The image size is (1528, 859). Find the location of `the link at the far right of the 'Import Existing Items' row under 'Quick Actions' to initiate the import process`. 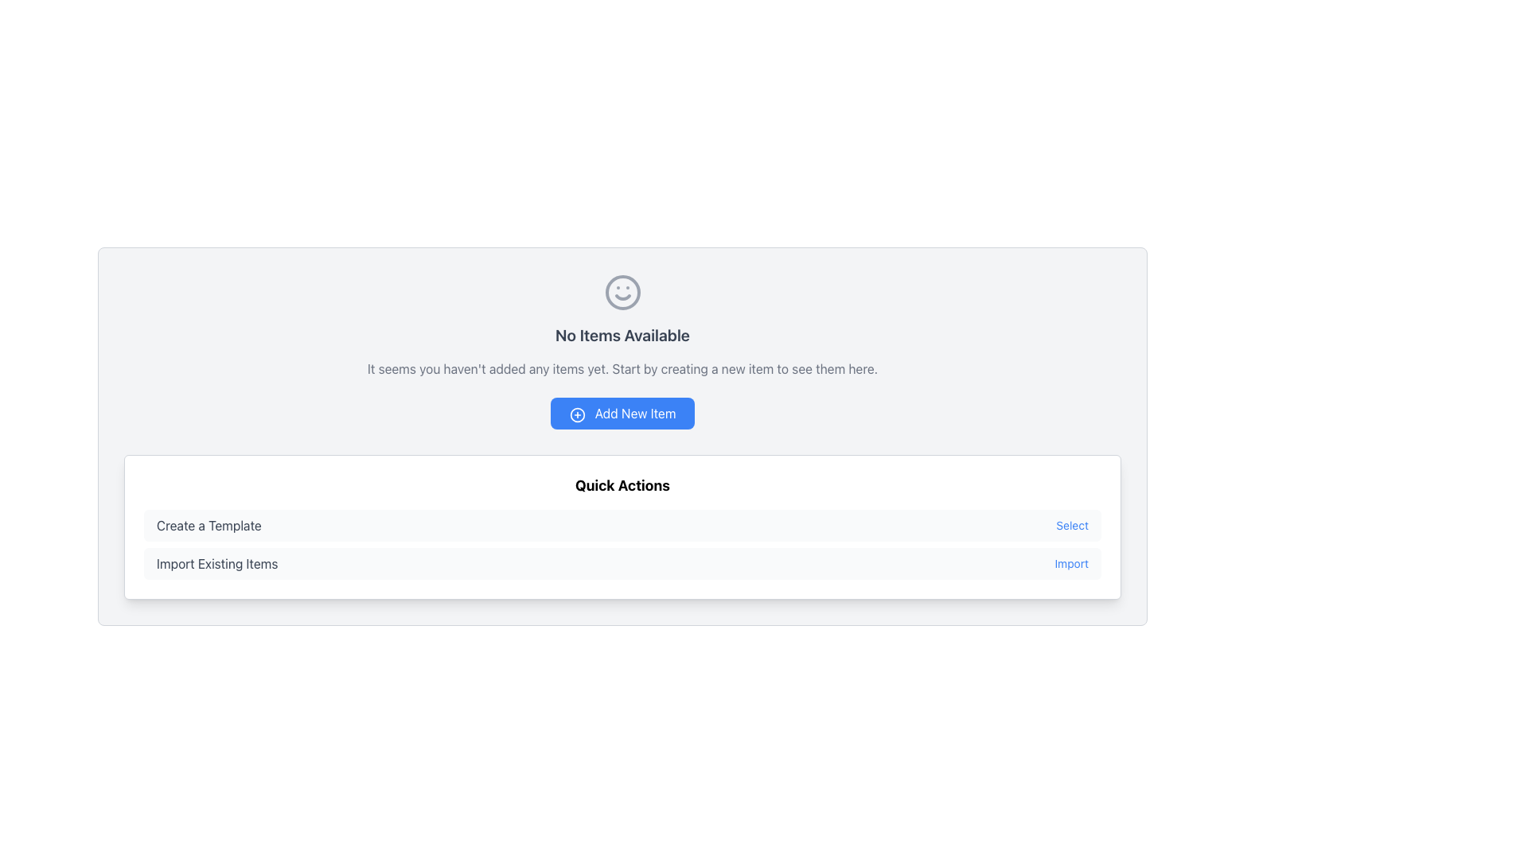

the link at the far right of the 'Import Existing Items' row under 'Quick Actions' to initiate the import process is located at coordinates (1071, 563).